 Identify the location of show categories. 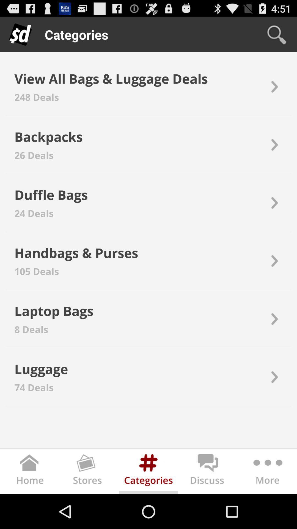
(148, 473).